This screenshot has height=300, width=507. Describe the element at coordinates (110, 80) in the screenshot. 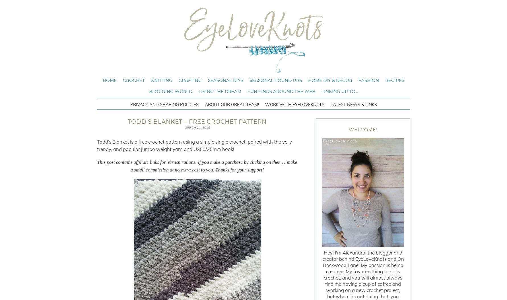

I see `'Home'` at that location.